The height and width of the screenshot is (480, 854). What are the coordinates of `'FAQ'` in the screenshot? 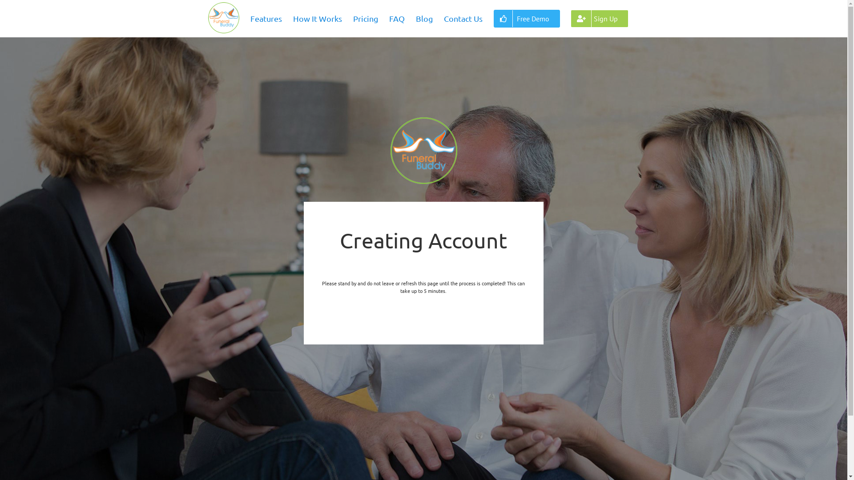 It's located at (396, 19).